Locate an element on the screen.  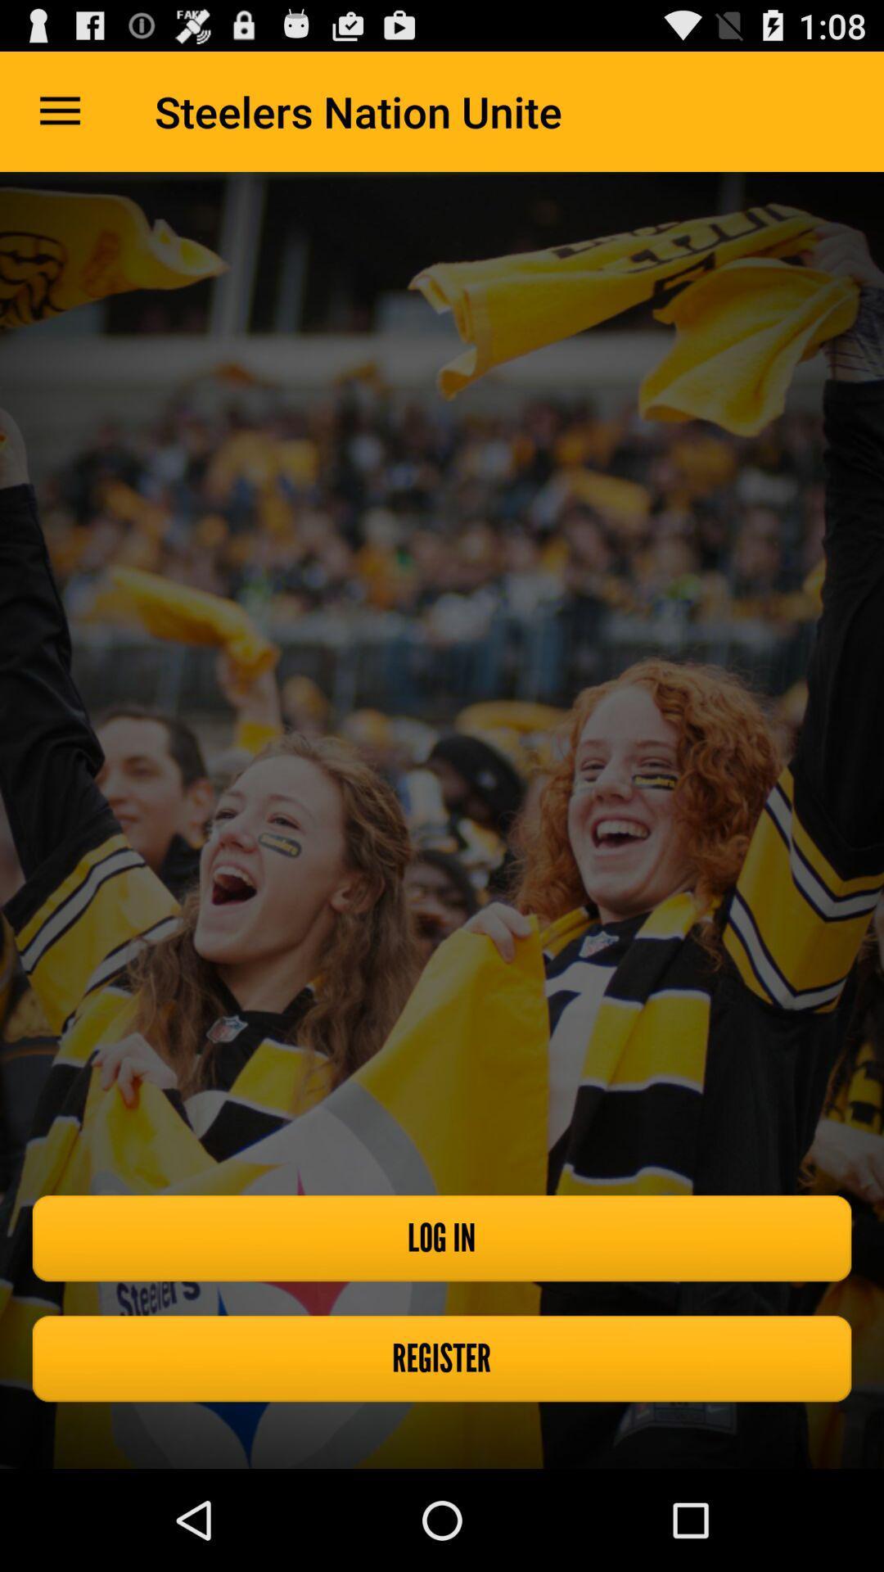
the app next to the steelers nation unite item is located at coordinates (59, 111).